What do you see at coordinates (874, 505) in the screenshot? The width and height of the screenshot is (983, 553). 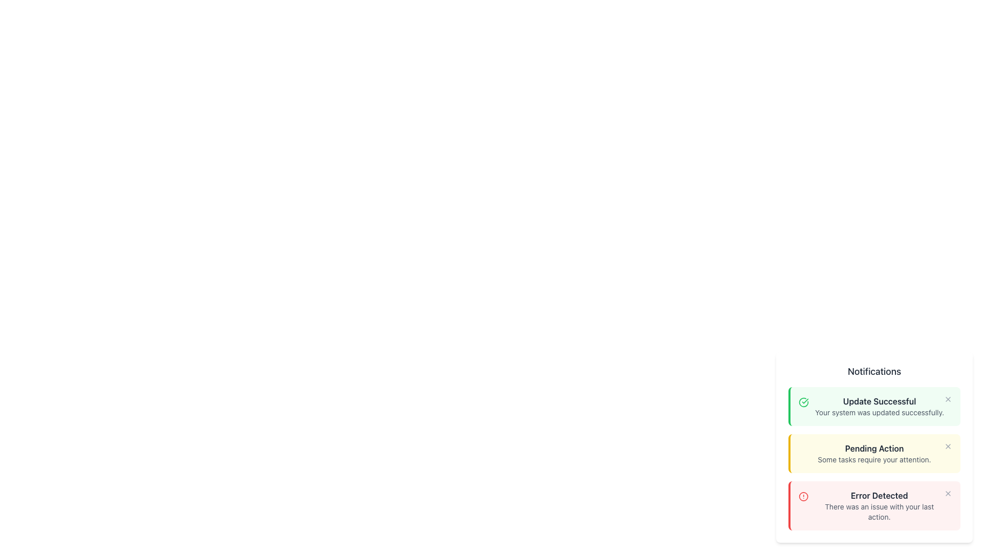 I see `the error notification card located at the bottom-right of the interface by clicking on it` at bounding box center [874, 505].